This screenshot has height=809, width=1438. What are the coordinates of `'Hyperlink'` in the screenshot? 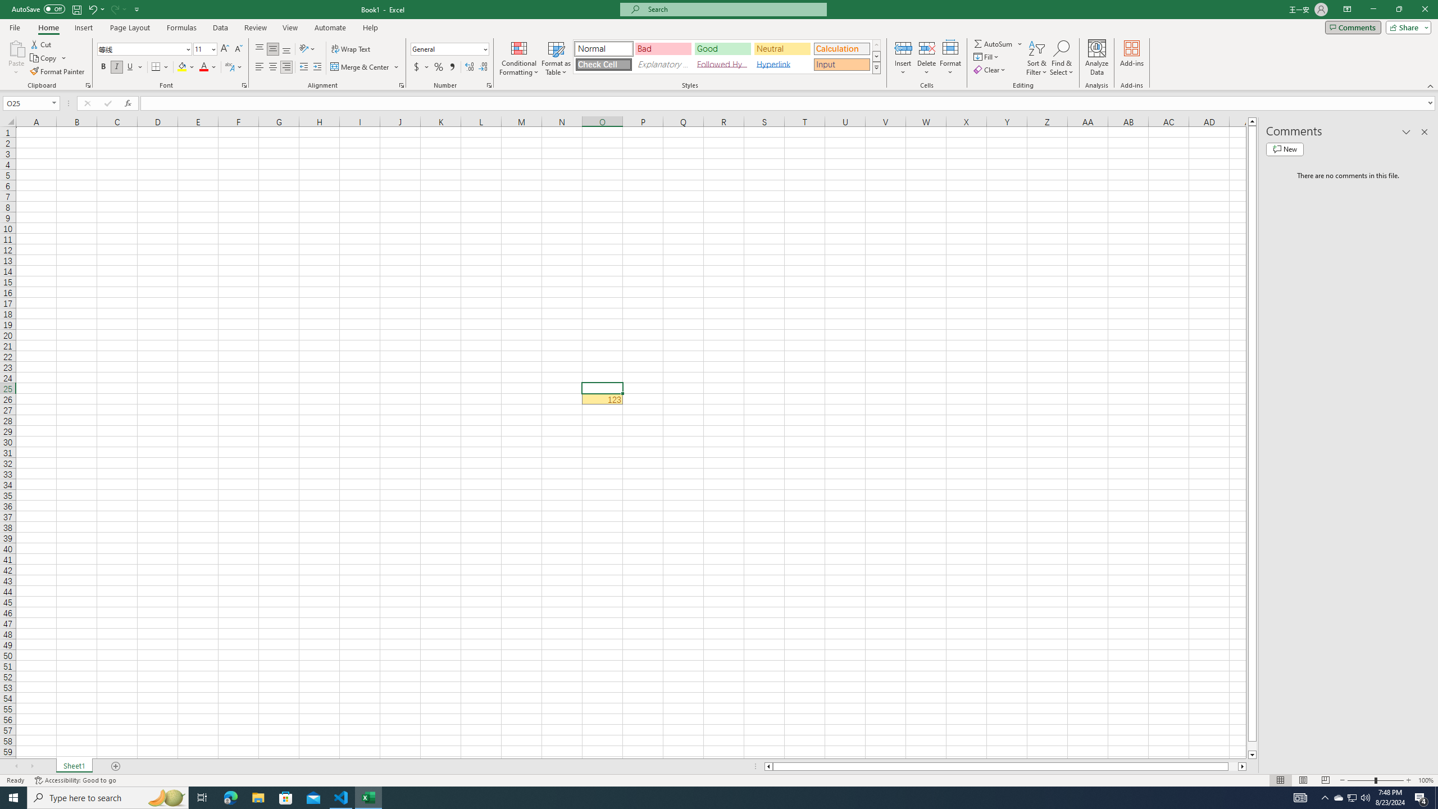 It's located at (781, 64).